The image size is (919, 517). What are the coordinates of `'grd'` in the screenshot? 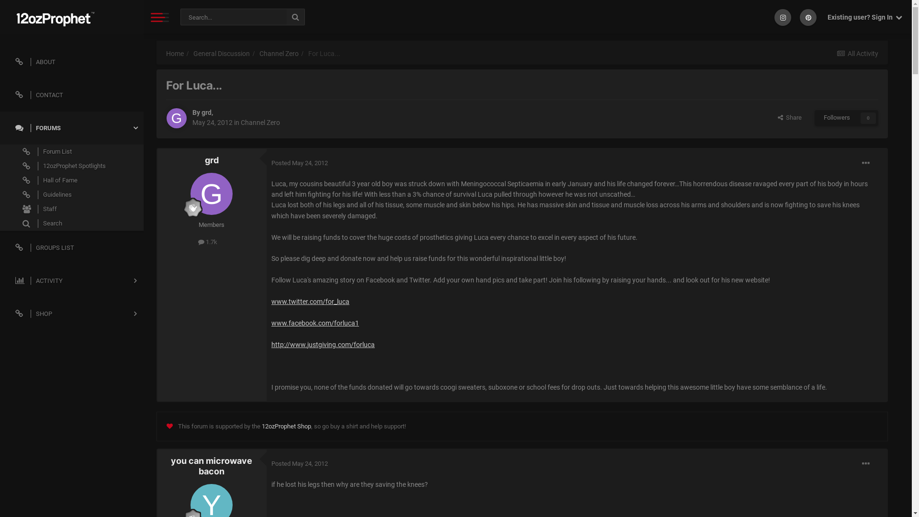 It's located at (211, 159).